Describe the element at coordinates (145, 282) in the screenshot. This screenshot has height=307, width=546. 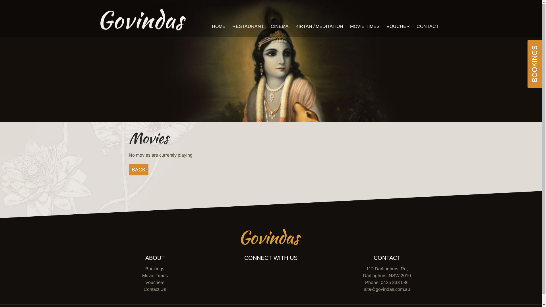
I see `'Vouchers'` at that location.